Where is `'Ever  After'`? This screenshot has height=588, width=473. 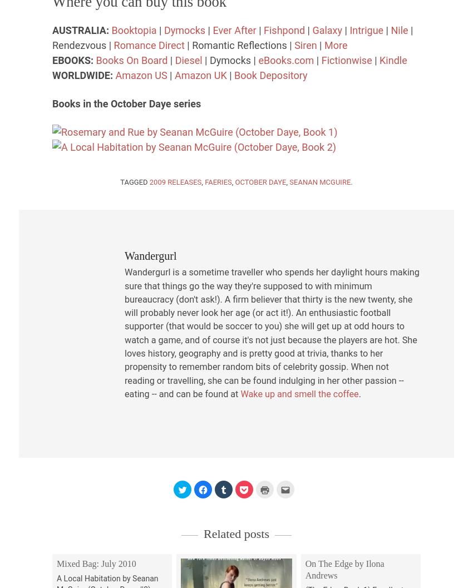 'Ever  After' is located at coordinates (234, 29).